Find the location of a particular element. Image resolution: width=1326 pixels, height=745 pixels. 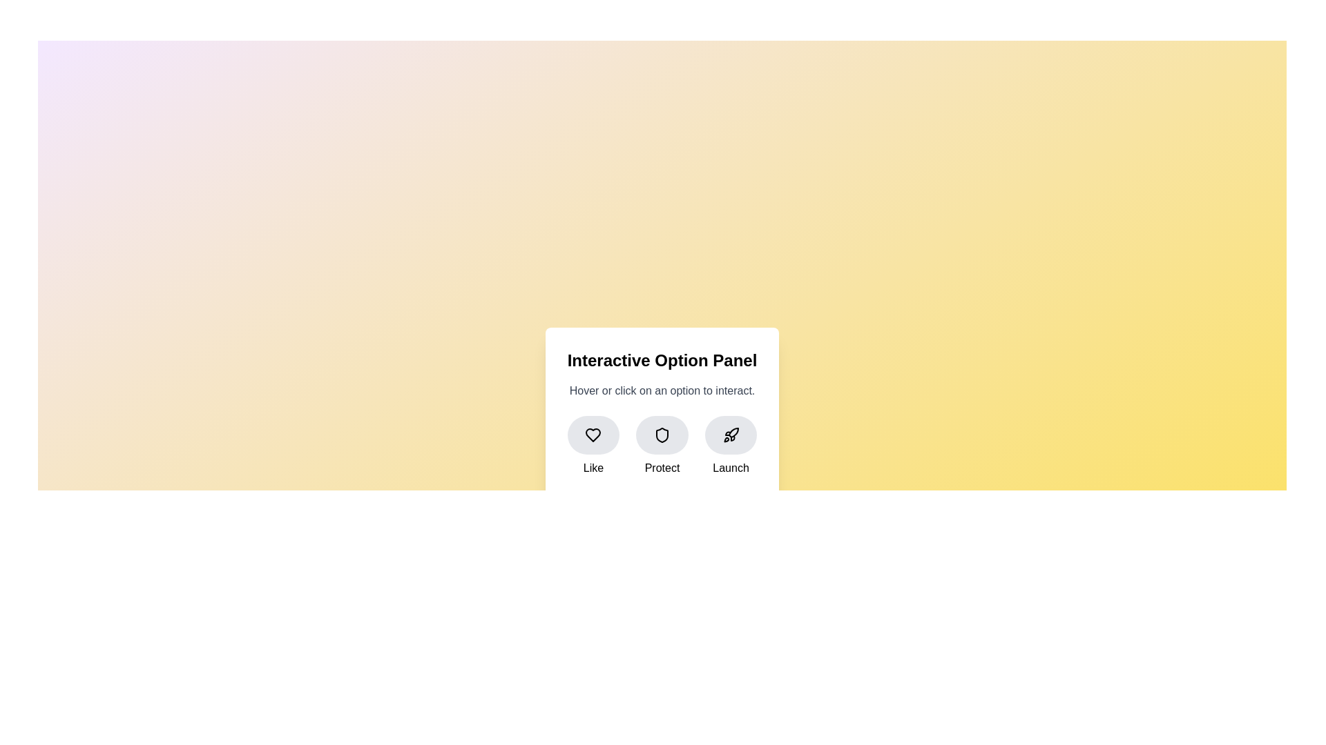

the central 'protect' button among three circular buttons displayed horizontally on the interactive panel is located at coordinates (662, 435).